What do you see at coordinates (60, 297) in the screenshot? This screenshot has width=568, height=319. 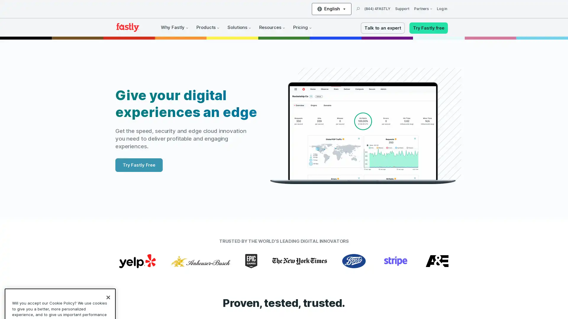 I see `Cookies Settings` at bounding box center [60, 297].